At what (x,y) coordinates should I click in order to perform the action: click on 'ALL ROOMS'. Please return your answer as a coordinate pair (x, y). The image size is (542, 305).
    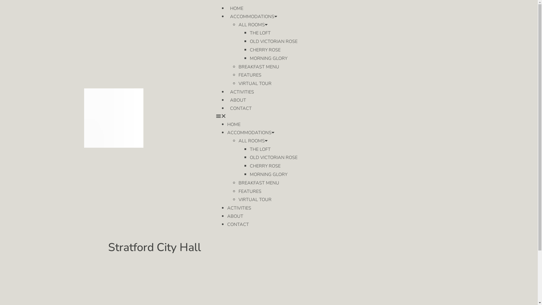
    Looking at the image, I should click on (253, 25).